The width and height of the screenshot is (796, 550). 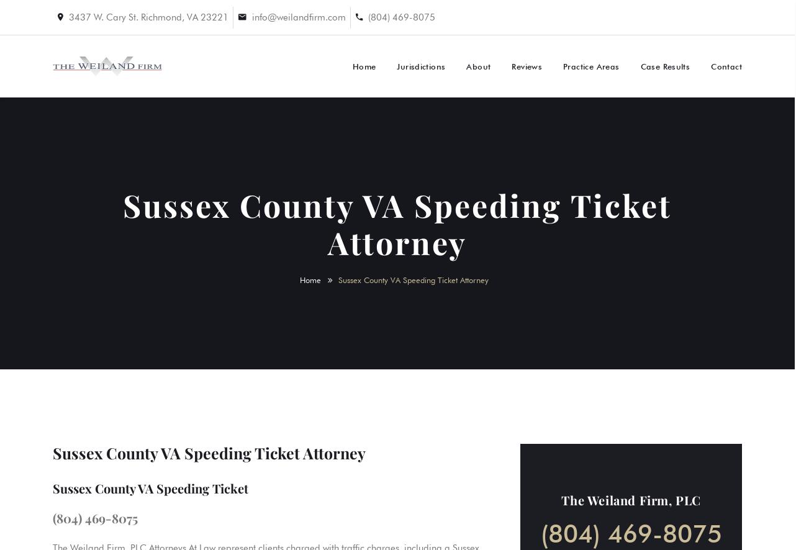 What do you see at coordinates (459, 251) in the screenshot?
I see `'Dinwiddie County'` at bounding box center [459, 251].